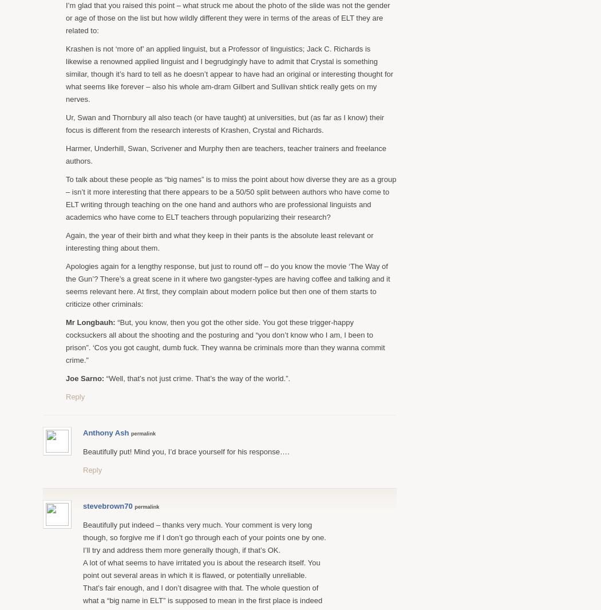 Image resolution: width=601 pixels, height=610 pixels. I want to click on 'Harmer, Underhill, Swan, Scrivener and Murphy then are teachers, teacher trainers and freelance authors.', so click(65, 154).